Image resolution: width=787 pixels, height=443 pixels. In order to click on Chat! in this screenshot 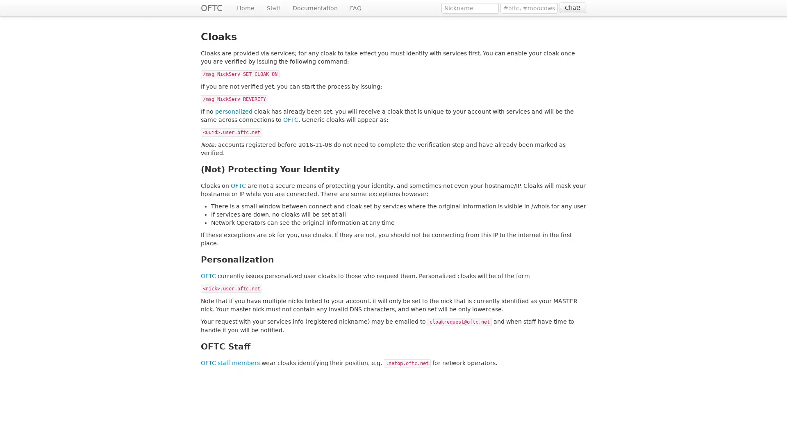, I will do `click(572, 8)`.